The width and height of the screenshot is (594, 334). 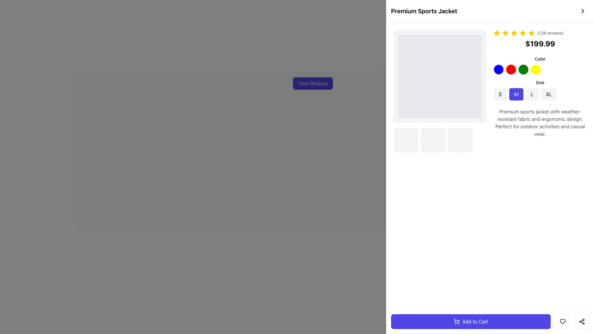 I want to click on the fourth button in the horizontal group of size options, so click(x=549, y=94).